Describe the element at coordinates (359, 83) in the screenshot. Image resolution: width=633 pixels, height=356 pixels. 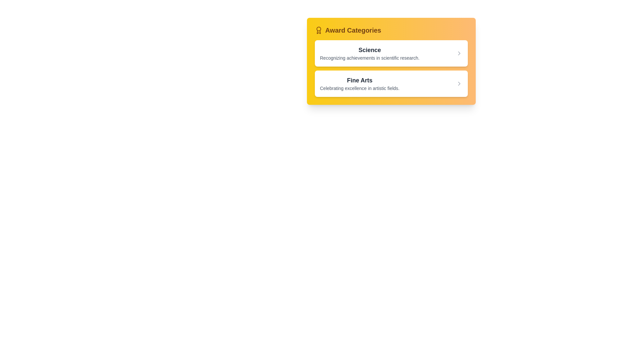
I see `the 'Fine Arts' category option located under the yellow header labeled 'Award Categories', positioned below the 'Science' option` at that location.